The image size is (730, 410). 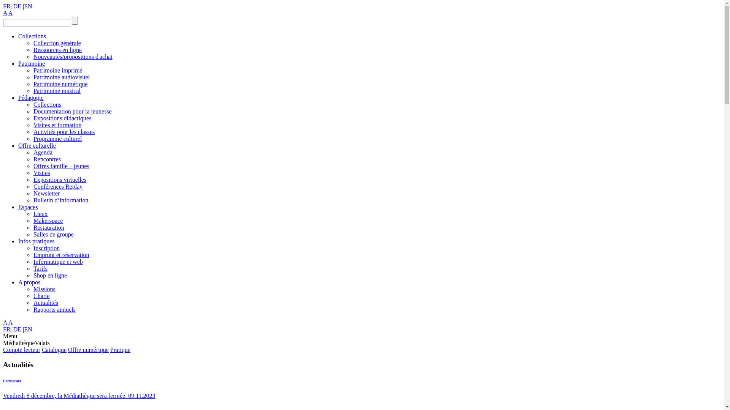 I want to click on 'FR', so click(x=7, y=329).